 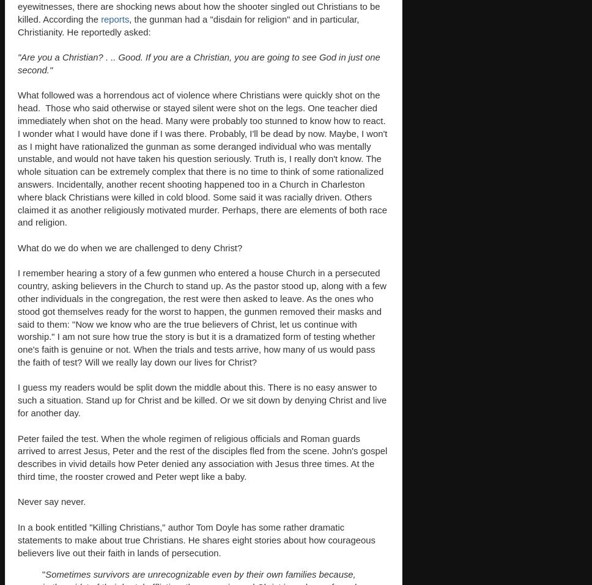 What do you see at coordinates (114, 18) in the screenshot?
I see `'reports'` at bounding box center [114, 18].